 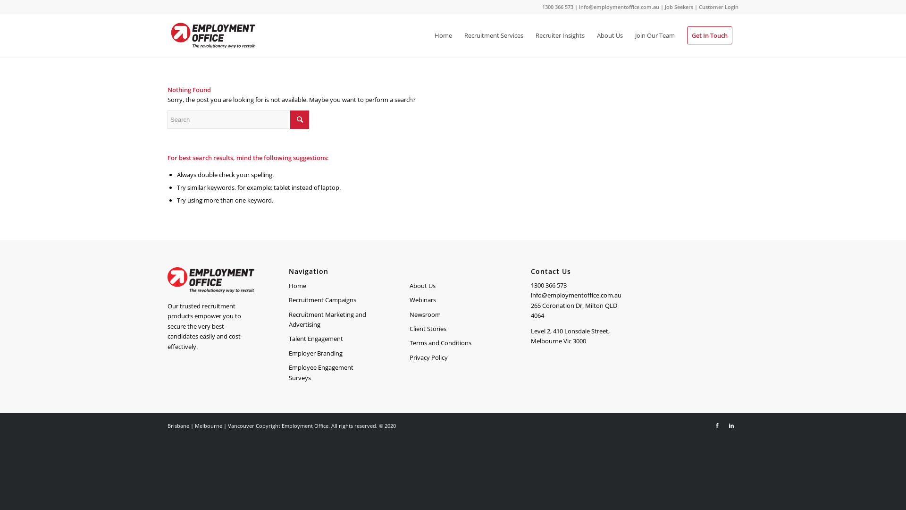 I want to click on 'Home', so click(x=288, y=285).